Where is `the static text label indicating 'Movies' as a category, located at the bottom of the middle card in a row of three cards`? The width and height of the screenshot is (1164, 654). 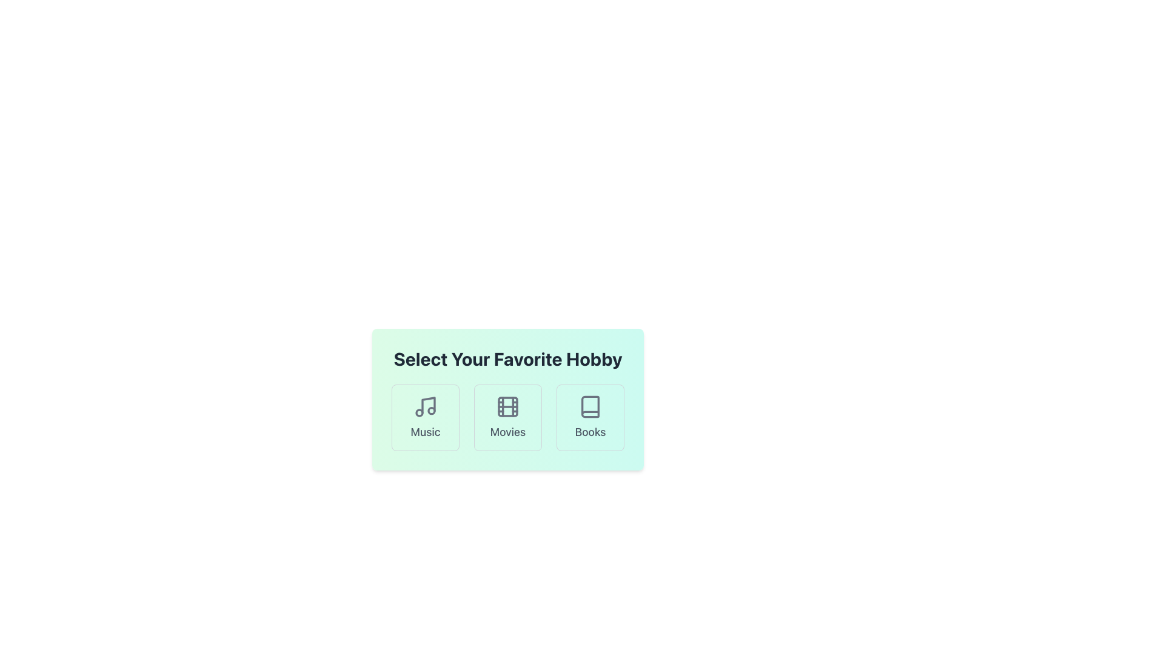
the static text label indicating 'Movies' as a category, located at the bottom of the middle card in a row of three cards is located at coordinates (508, 431).